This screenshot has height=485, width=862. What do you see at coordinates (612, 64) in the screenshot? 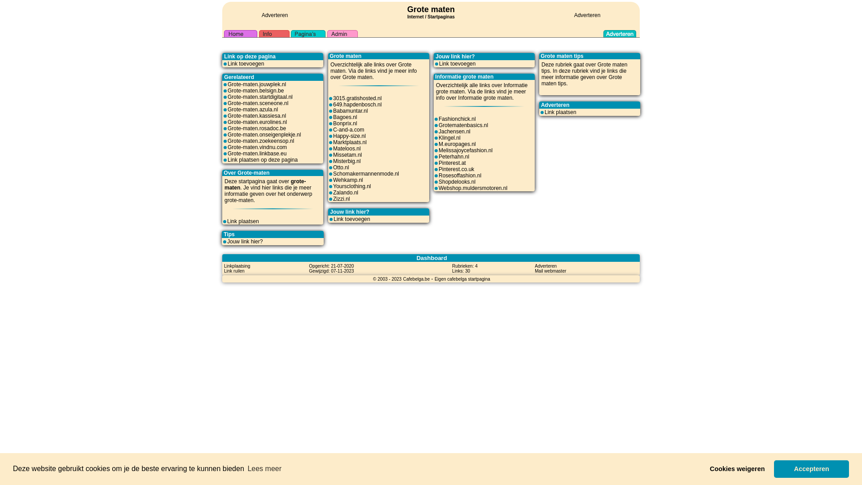
I see `'Grote maten'` at bounding box center [612, 64].